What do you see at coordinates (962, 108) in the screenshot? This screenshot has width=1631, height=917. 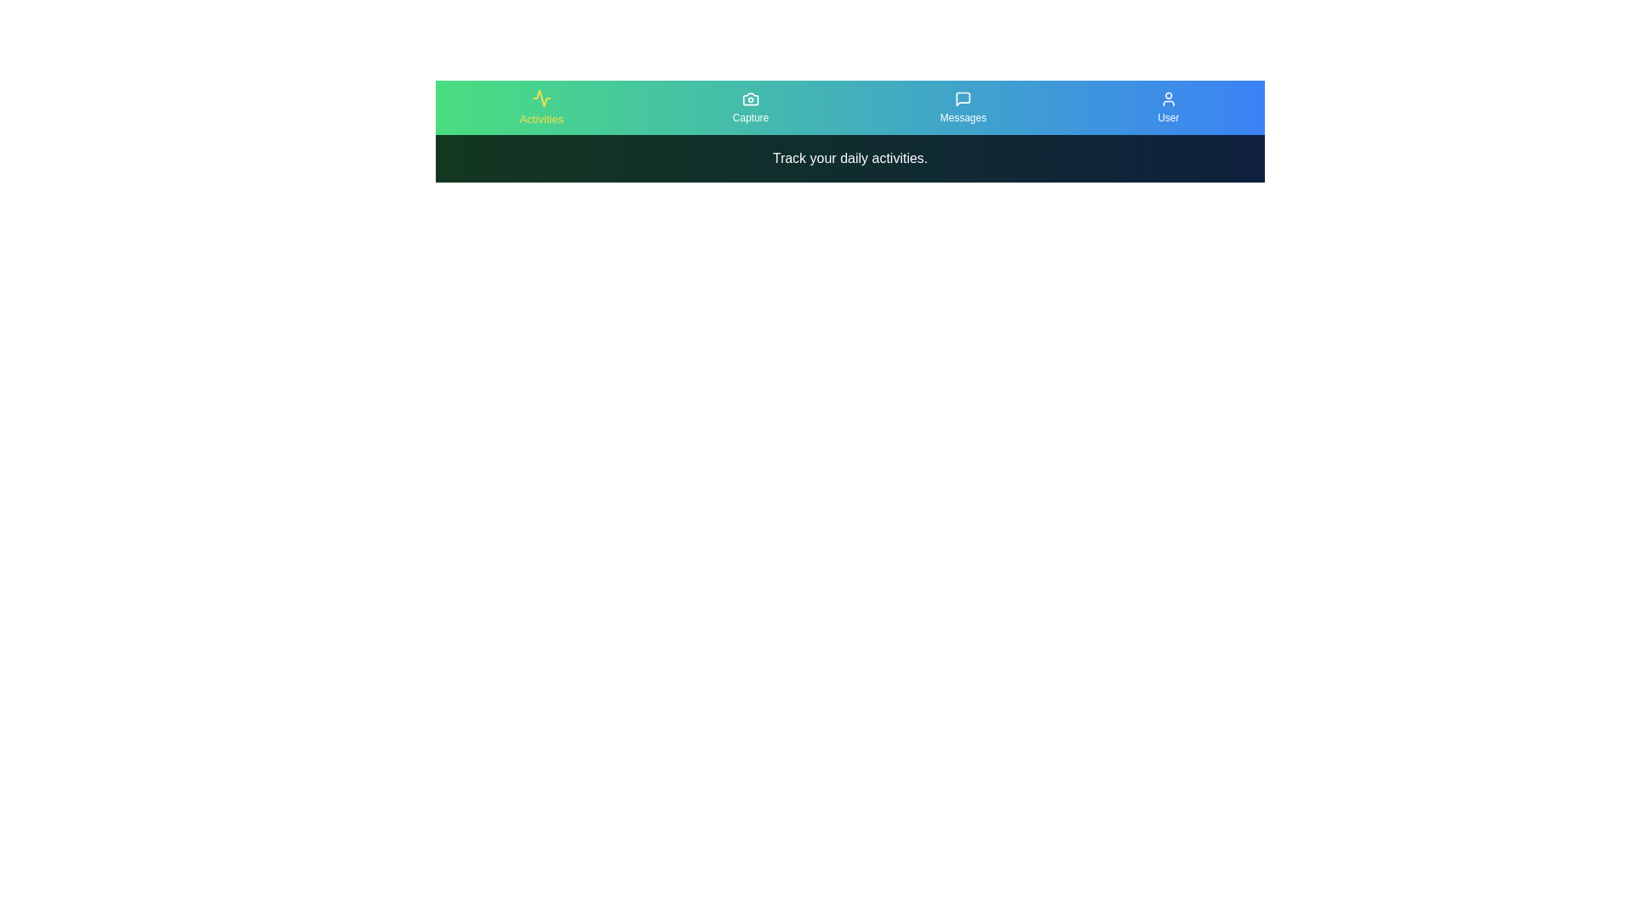 I see `the Messages tab to view its content` at bounding box center [962, 108].